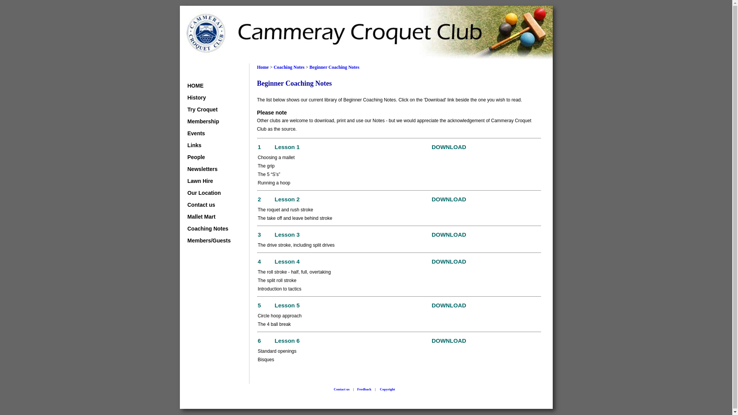 The height and width of the screenshot is (415, 738). Describe the element at coordinates (364, 389) in the screenshot. I see `'Feedback'` at that location.